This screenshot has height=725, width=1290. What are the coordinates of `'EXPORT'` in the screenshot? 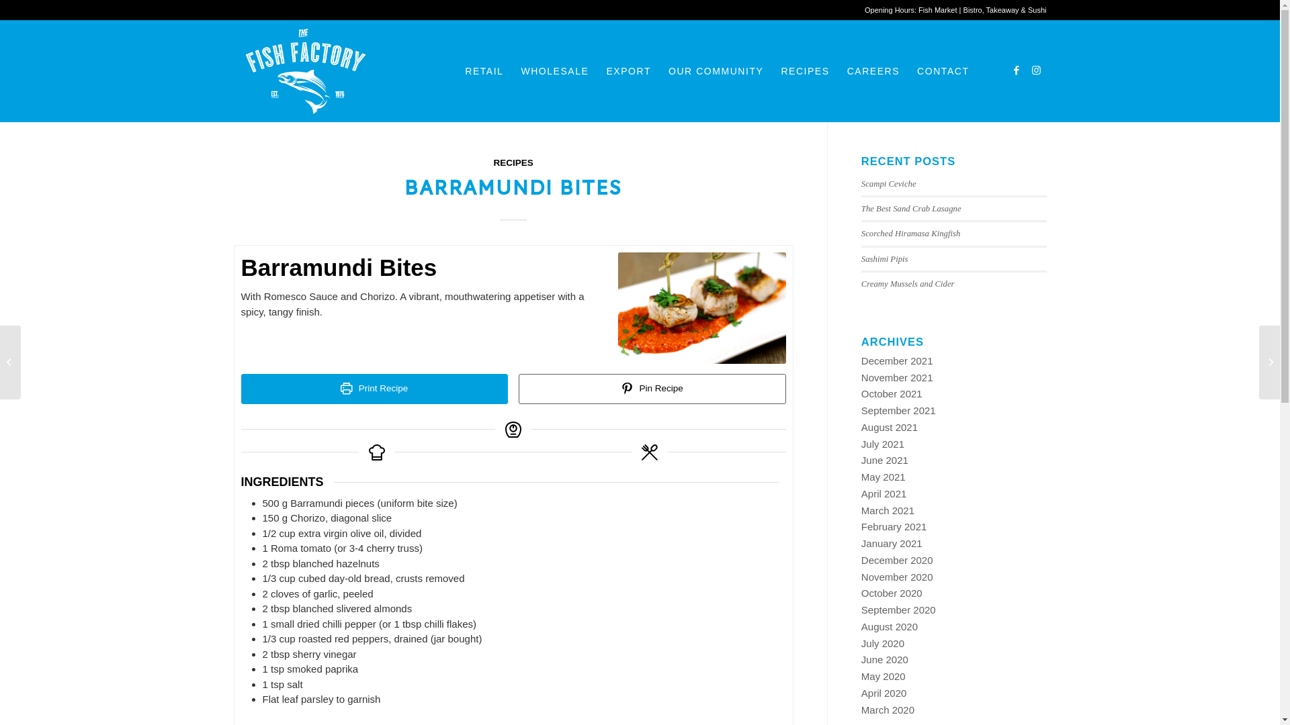 It's located at (628, 70).